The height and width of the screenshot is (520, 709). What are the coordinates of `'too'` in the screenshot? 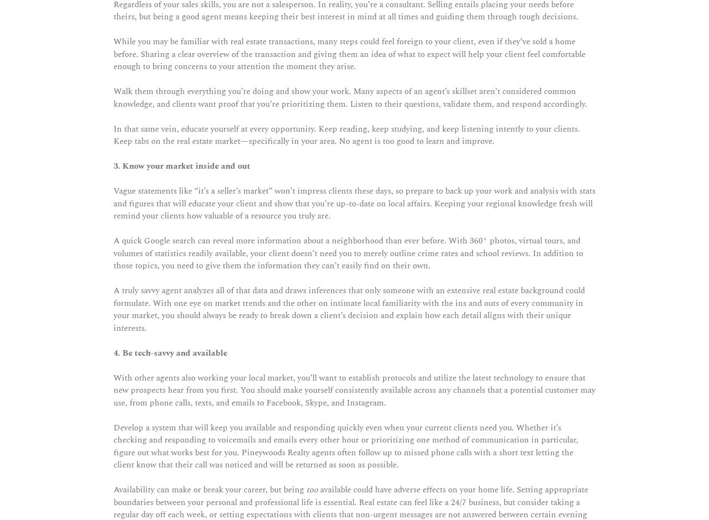 It's located at (311, 490).